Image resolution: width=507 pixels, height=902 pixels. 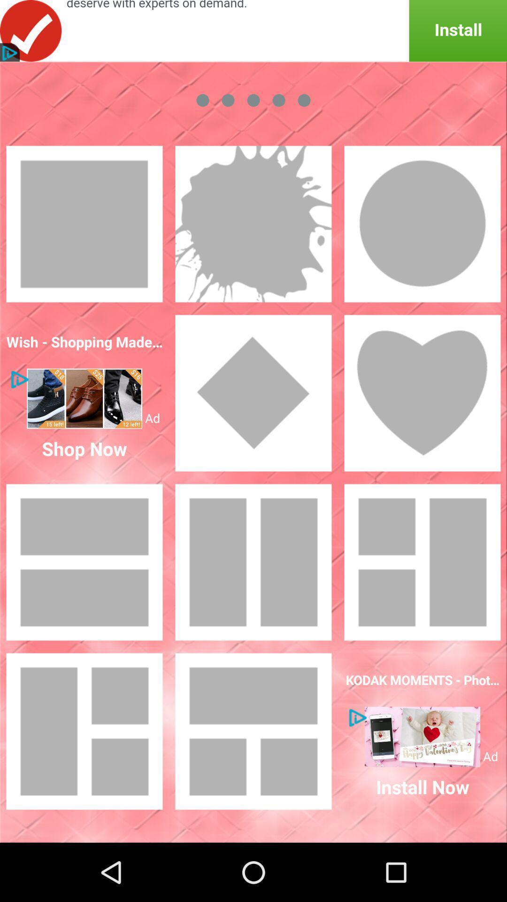 I want to click on figure, so click(x=422, y=393).